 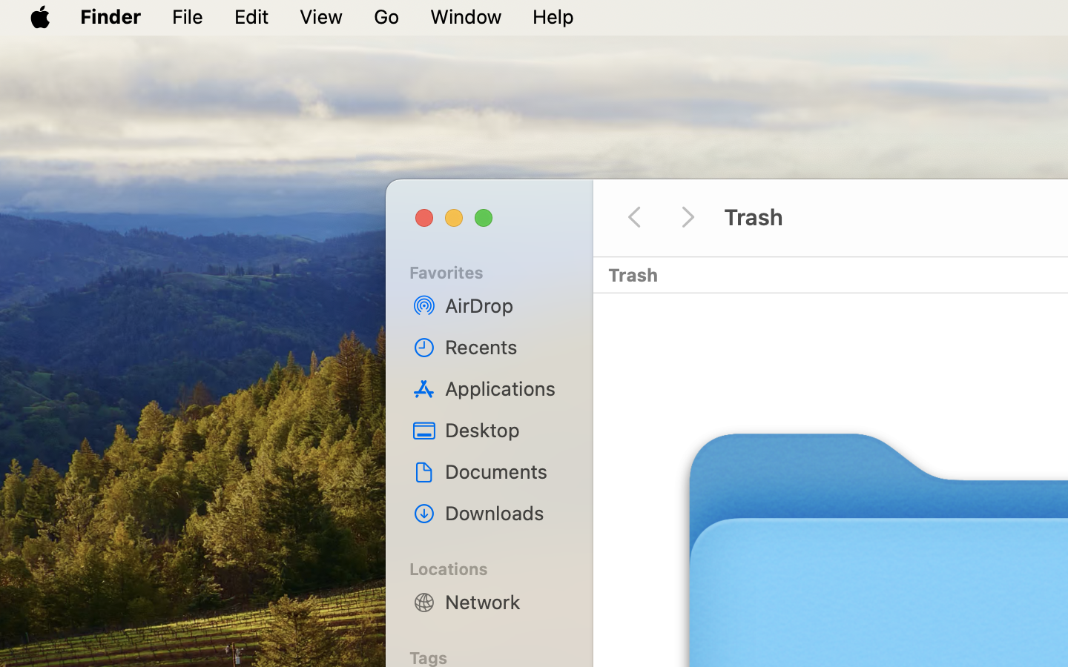 What do you see at coordinates (504, 346) in the screenshot?
I see `'Recents'` at bounding box center [504, 346].